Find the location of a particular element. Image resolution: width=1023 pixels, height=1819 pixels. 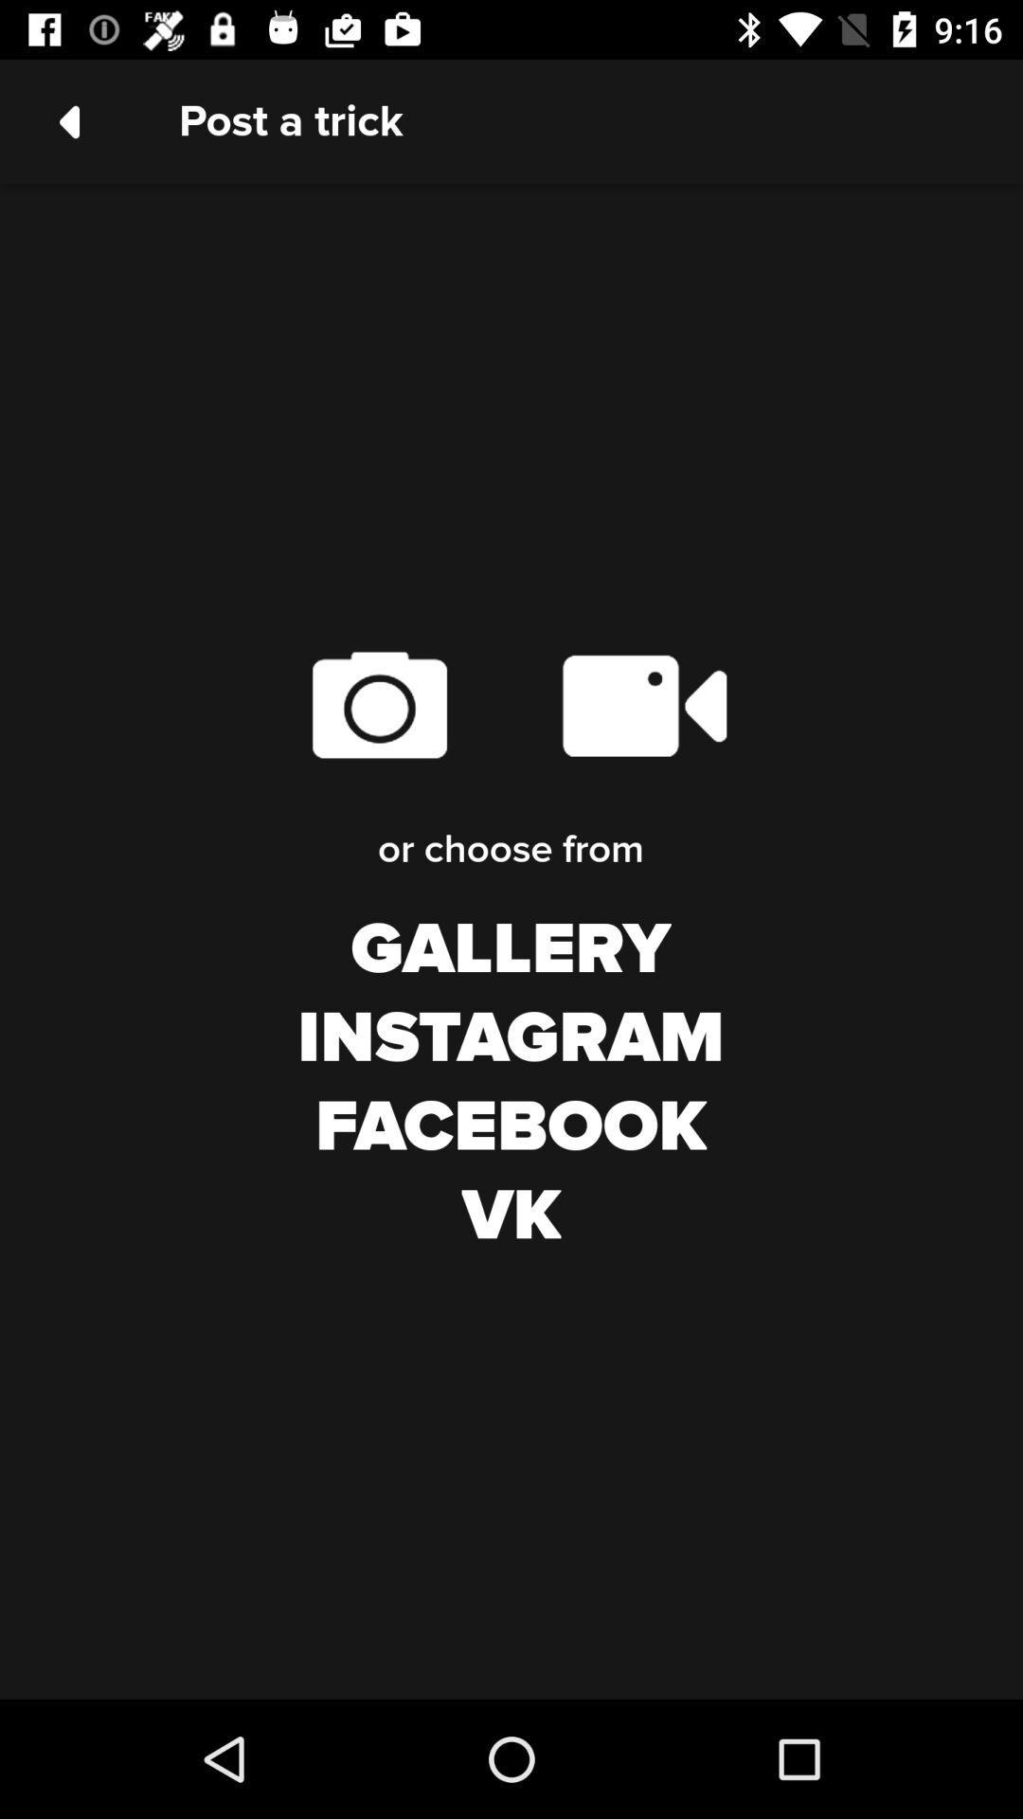

icon to the left of post a trick item is located at coordinates (68, 120).